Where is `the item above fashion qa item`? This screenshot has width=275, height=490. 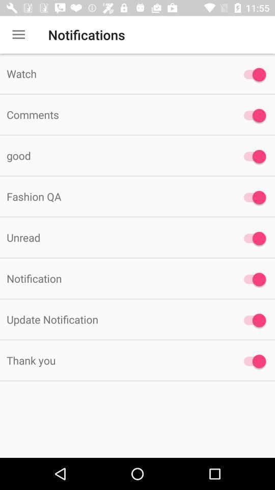
the item above fashion qa item is located at coordinates (114, 155).